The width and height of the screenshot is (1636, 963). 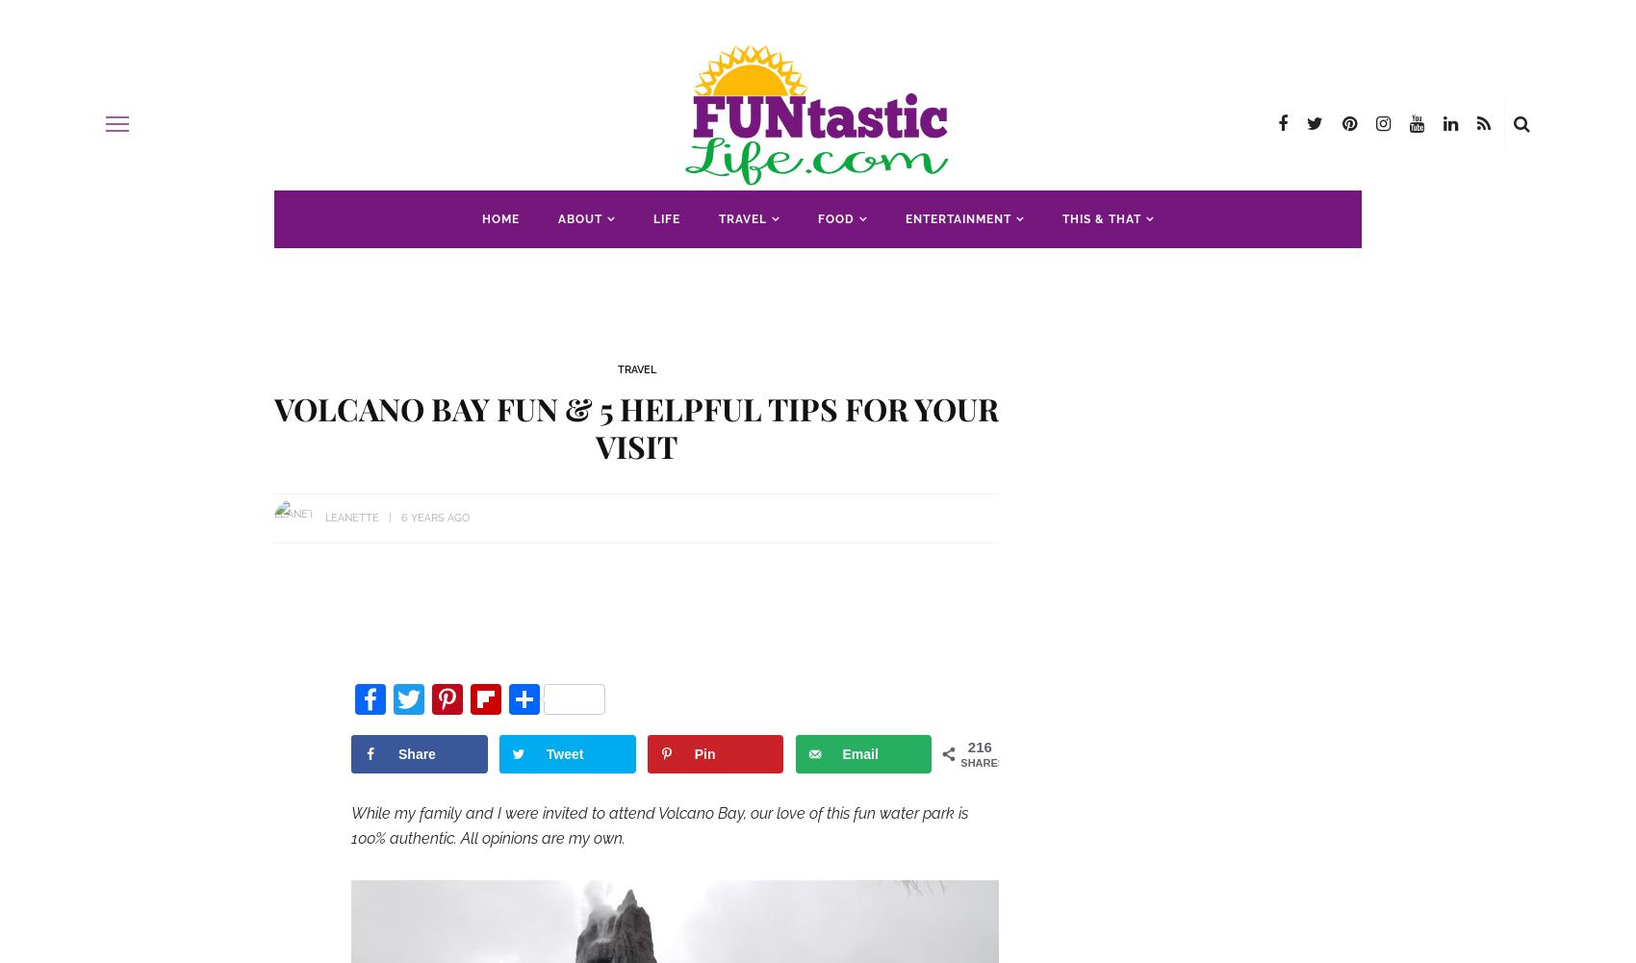 I want to click on '6 years ago', so click(x=435, y=516).